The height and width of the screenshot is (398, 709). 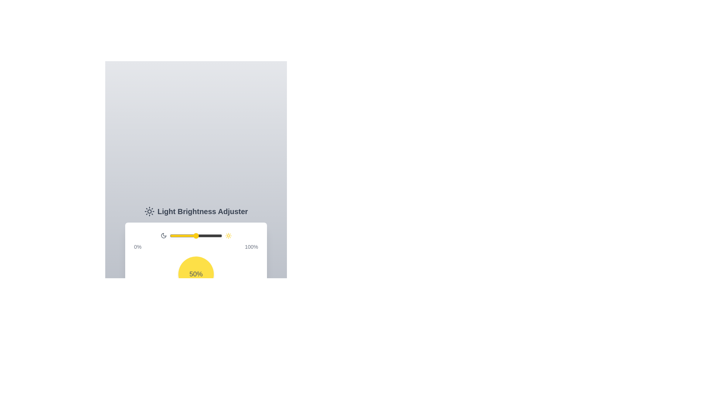 I want to click on the moon icon to toggle its state, so click(x=163, y=236).